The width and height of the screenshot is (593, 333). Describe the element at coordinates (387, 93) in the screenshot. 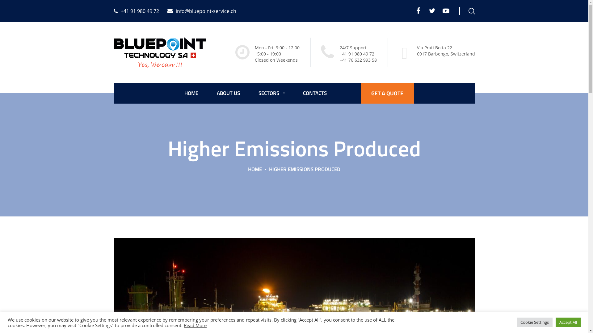

I see `'GET A QUOTE'` at that location.